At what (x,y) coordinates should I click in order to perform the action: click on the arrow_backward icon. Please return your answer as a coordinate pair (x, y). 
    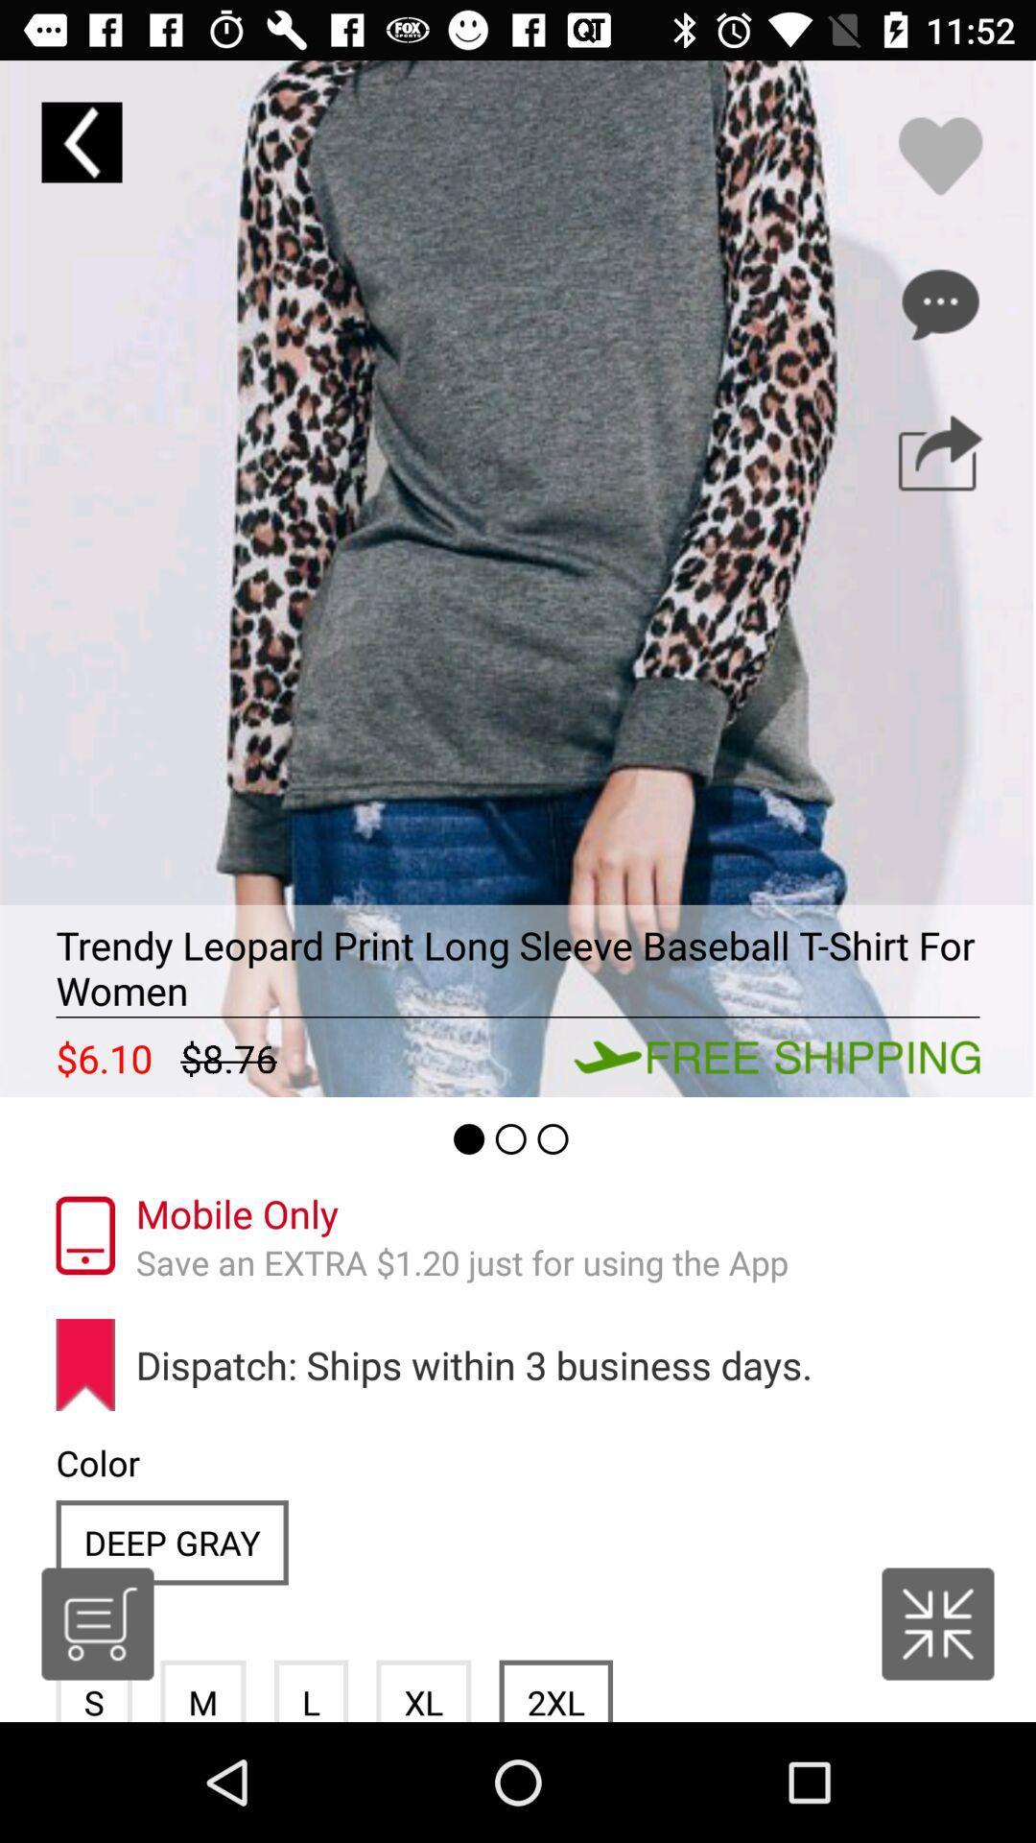
    Looking at the image, I should click on (81, 141).